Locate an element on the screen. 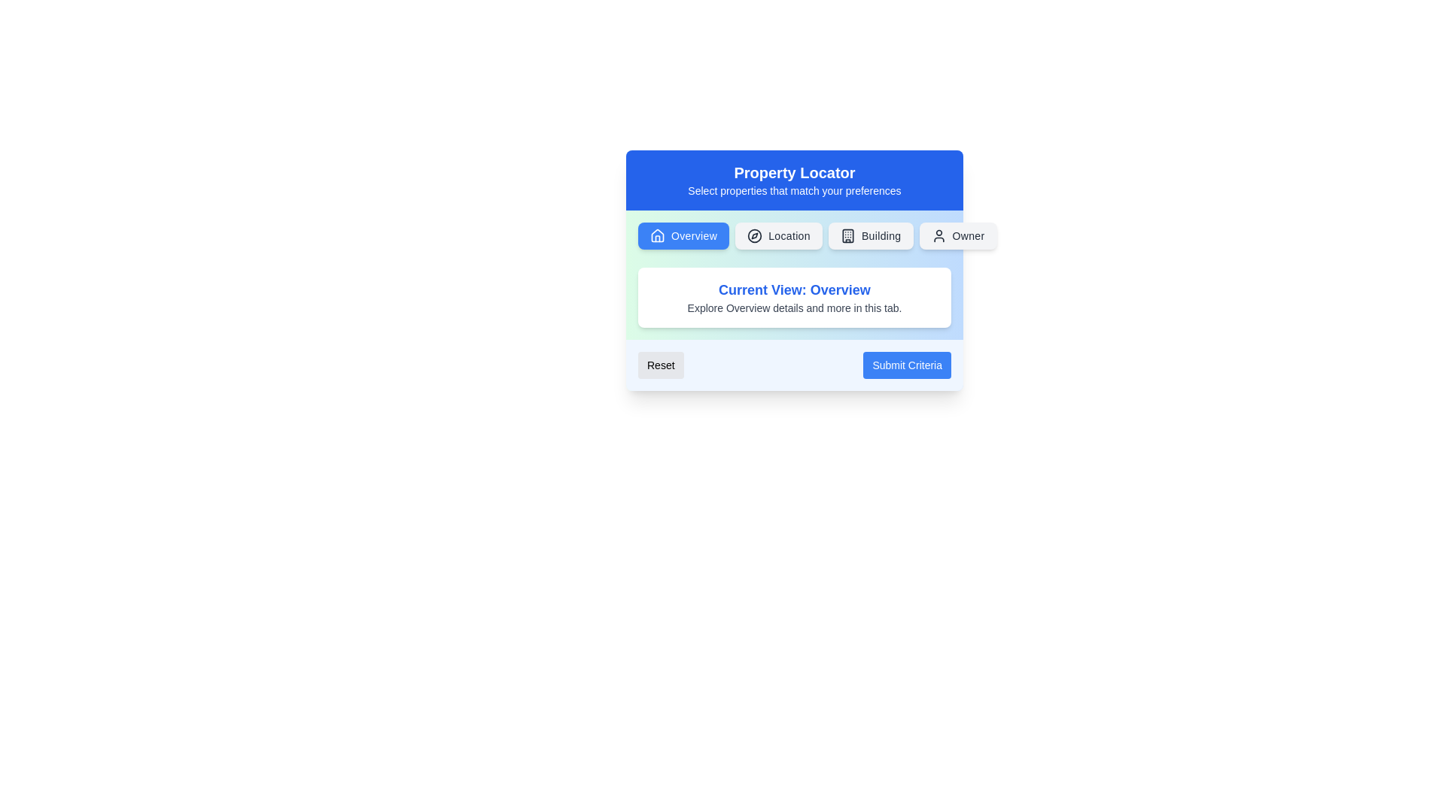 The height and width of the screenshot is (812, 1445). the 'Location' text label within the navigation button is located at coordinates (789, 235).